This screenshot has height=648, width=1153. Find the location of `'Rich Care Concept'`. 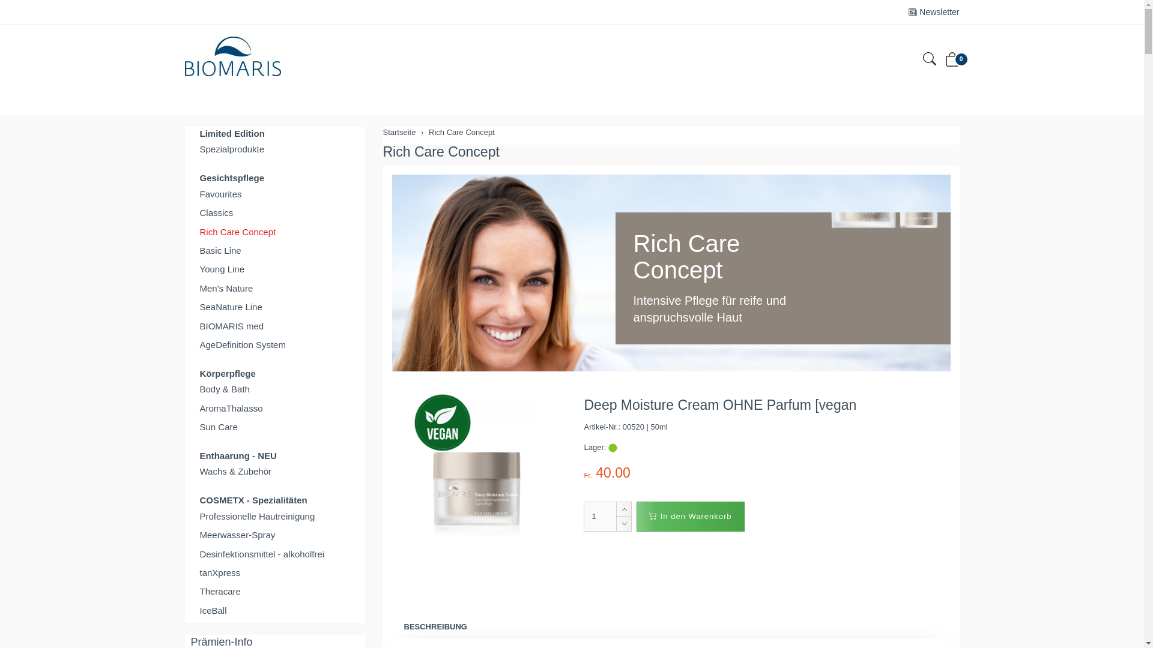

'Rich Care Concept' is located at coordinates (429, 132).